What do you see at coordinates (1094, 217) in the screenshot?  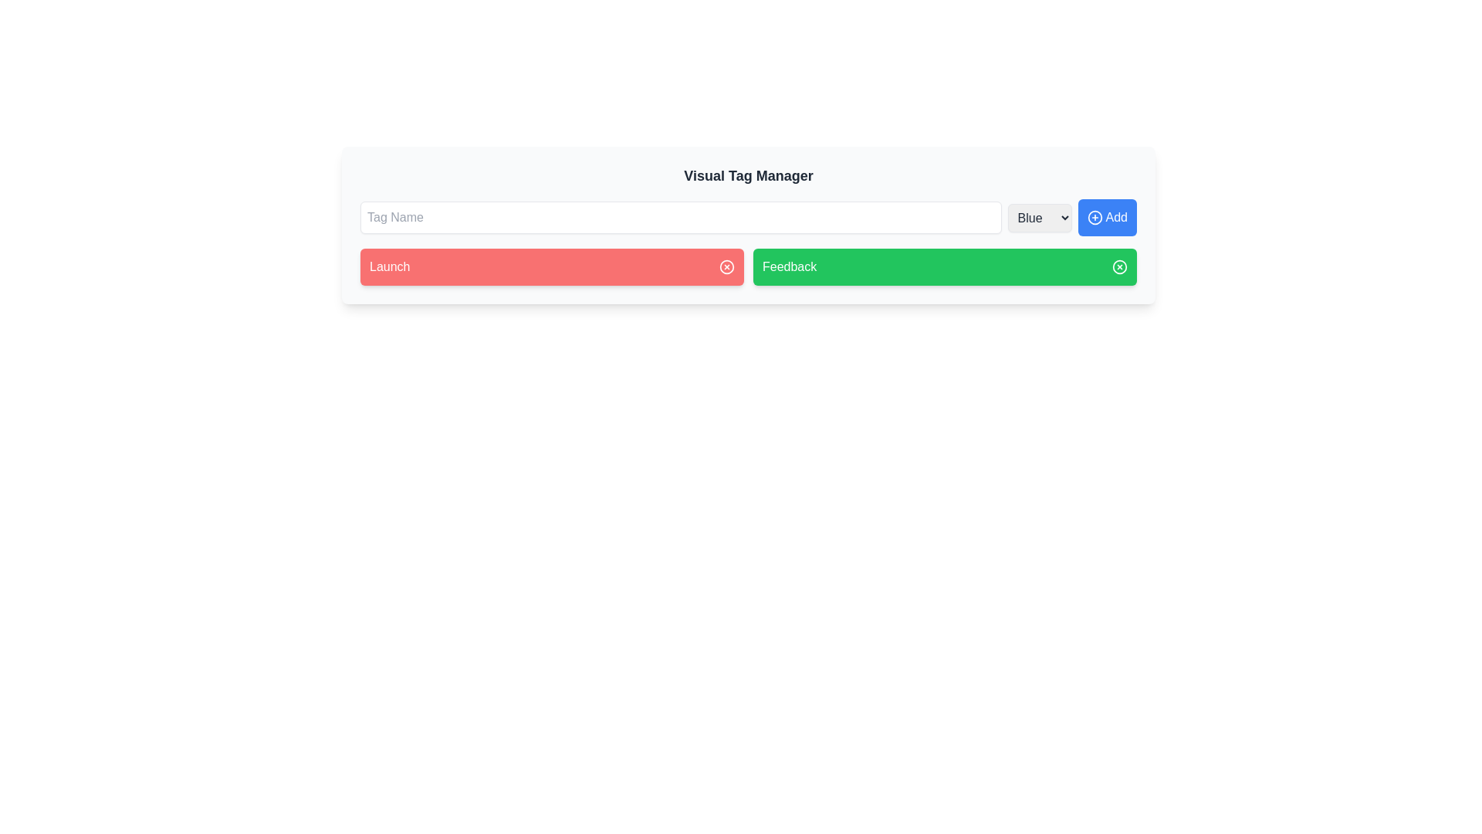 I see `the small circular icon with a '+' symbol, which is part of the blue 'Add' button located in the top-right section of the interface` at bounding box center [1094, 217].